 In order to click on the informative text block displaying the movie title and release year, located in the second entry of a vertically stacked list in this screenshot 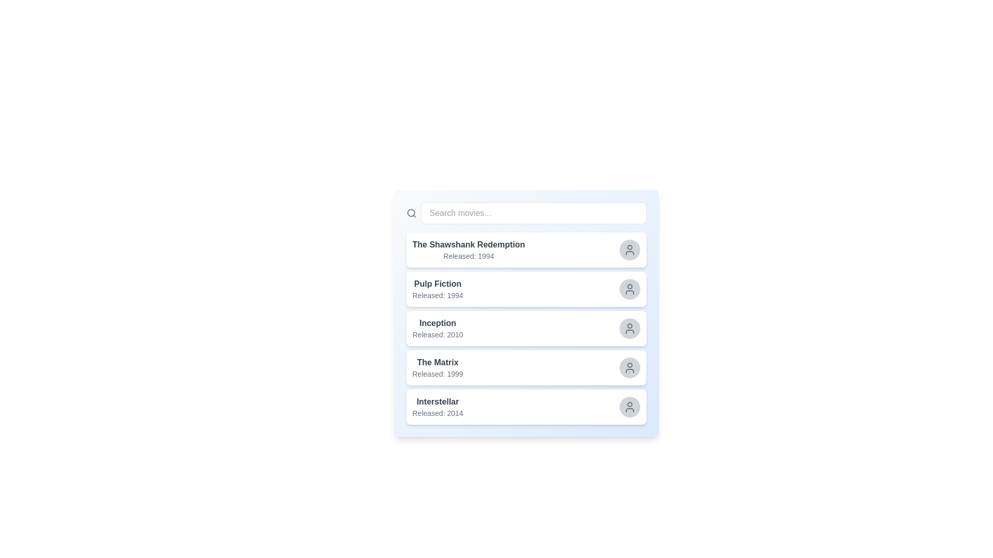, I will do `click(438, 289)`.